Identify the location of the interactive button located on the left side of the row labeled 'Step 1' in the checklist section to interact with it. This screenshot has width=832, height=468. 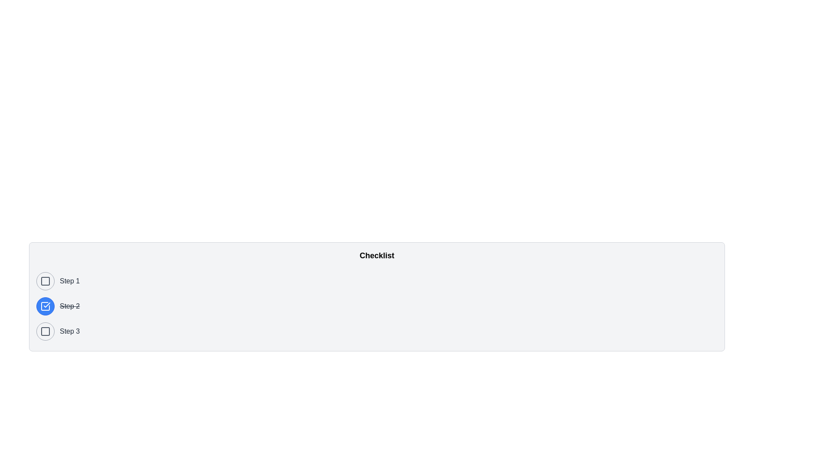
(45, 281).